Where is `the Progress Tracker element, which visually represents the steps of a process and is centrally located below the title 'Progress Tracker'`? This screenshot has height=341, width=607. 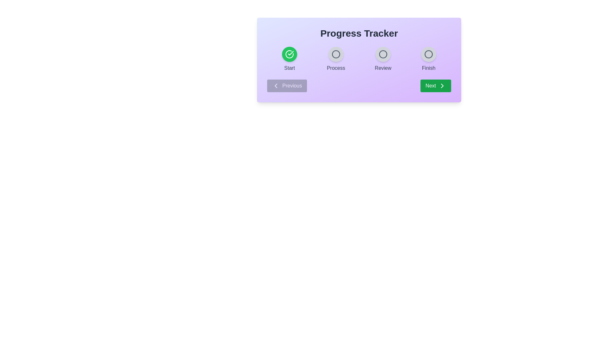
the Progress Tracker element, which visually represents the steps of a process and is centrally located below the title 'Progress Tracker' is located at coordinates (359, 59).